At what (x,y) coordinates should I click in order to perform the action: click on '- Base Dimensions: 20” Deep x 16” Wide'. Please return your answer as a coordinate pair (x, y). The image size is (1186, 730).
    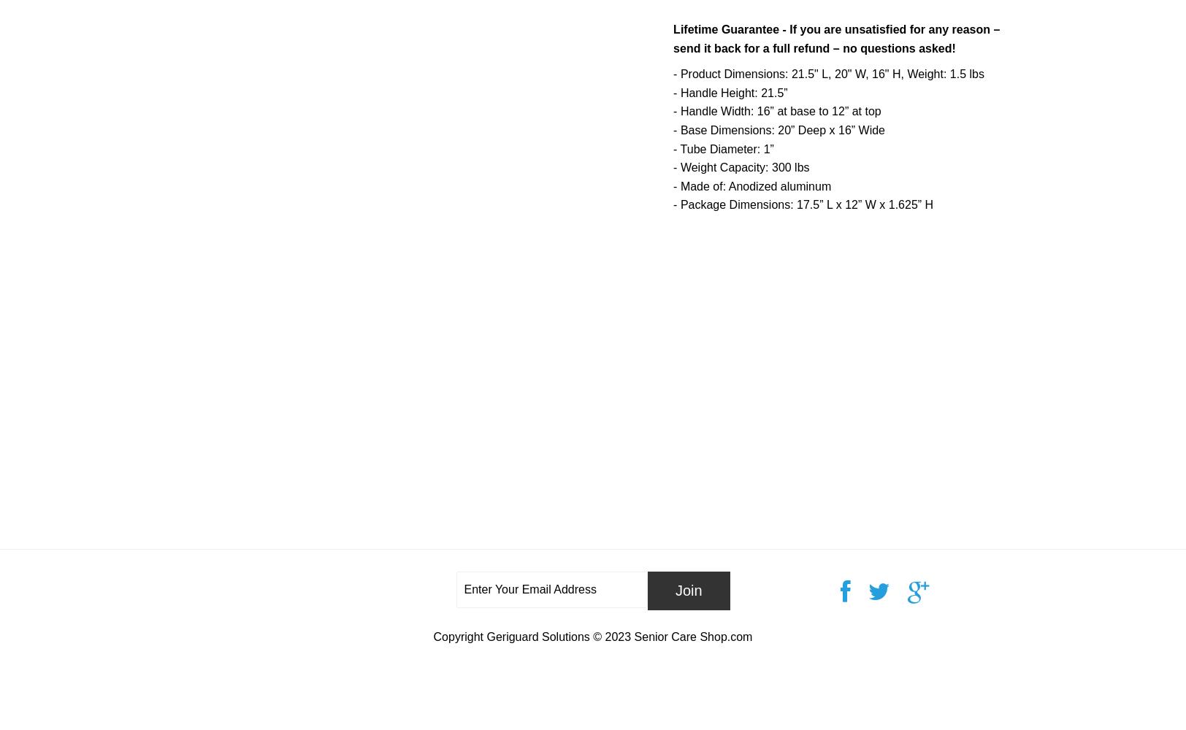
    Looking at the image, I should click on (778, 130).